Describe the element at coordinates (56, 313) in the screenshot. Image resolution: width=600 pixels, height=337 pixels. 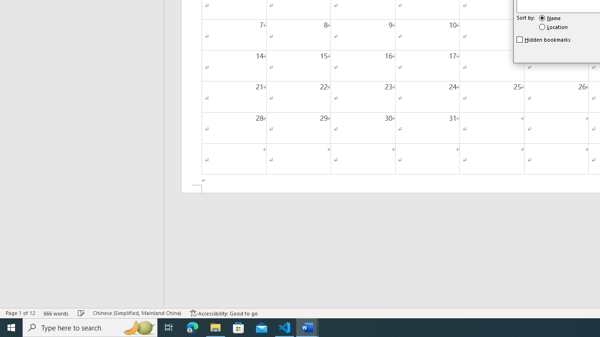
I see `'Word Count 666 words'` at that location.